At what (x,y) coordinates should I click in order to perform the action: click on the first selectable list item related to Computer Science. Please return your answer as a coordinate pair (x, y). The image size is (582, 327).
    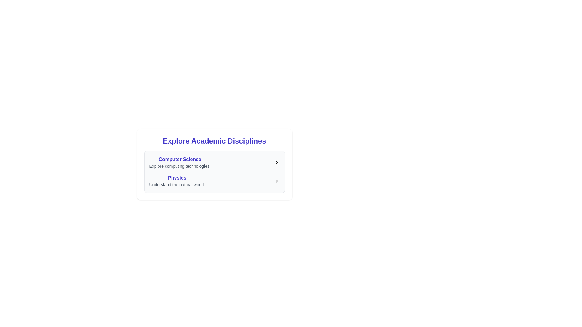
    Looking at the image, I should click on (214, 162).